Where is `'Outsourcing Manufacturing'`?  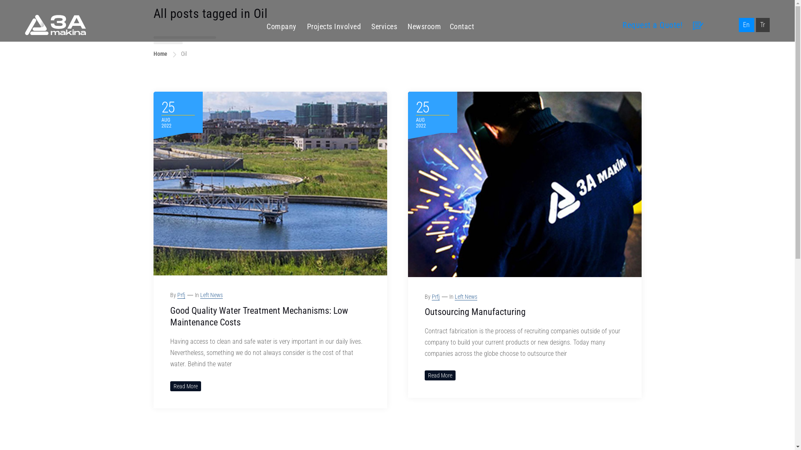 'Outsourcing Manufacturing' is located at coordinates (424, 312).